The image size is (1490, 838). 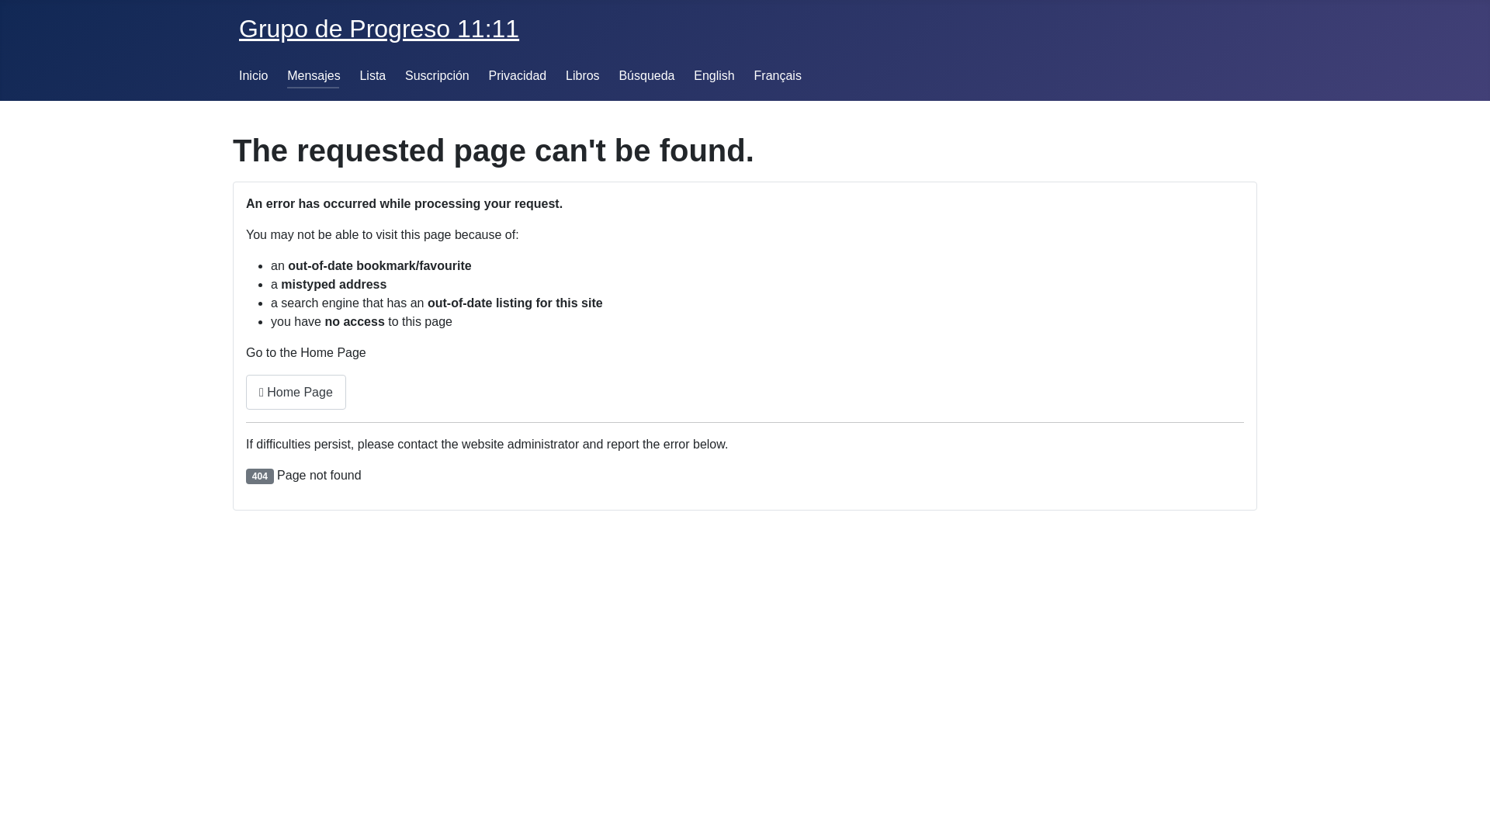 What do you see at coordinates (312, 75) in the screenshot?
I see `'Mensajes'` at bounding box center [312, 75].